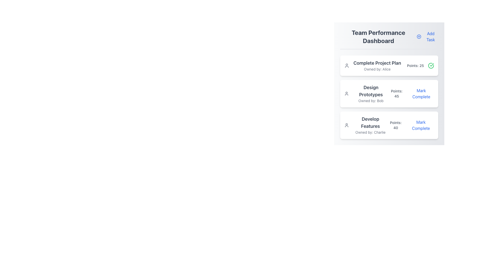 Image resolution: width=490 pixels, height=275 pixels. I want to click on the static text displaying 'Points: 45' within the 'Design Prototypes' section of the 'Team Performance Dashboard', so click(396, 93).